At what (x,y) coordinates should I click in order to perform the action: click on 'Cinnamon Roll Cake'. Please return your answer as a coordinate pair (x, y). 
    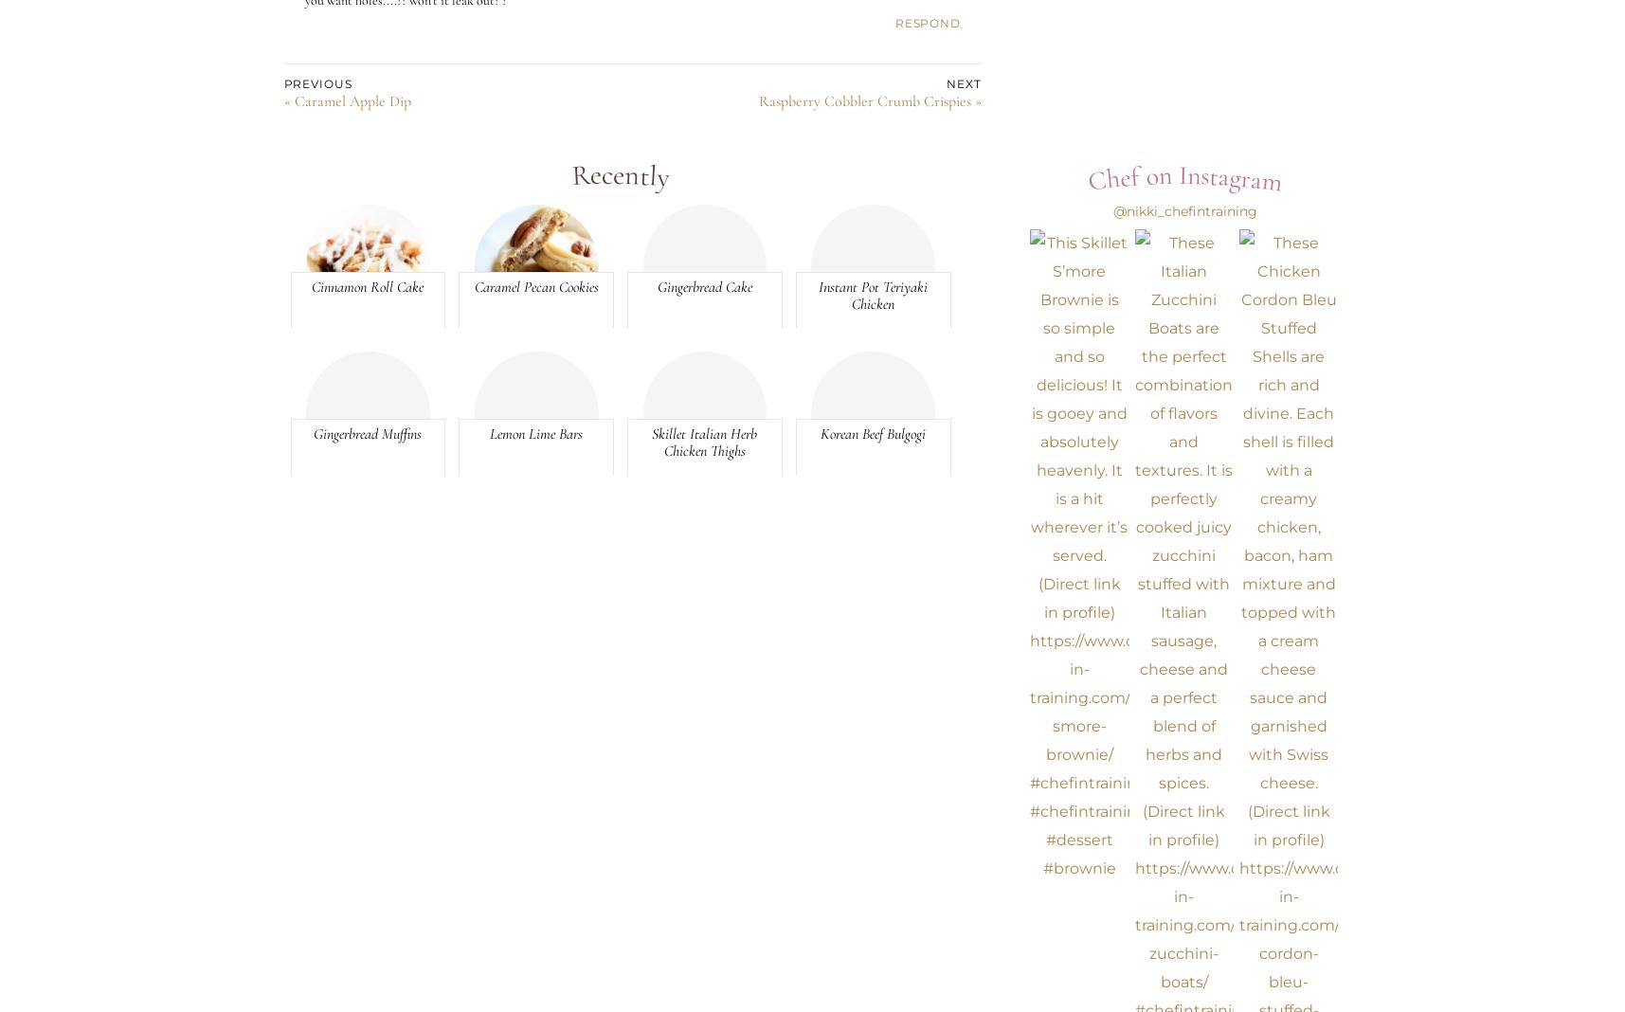
    Looking at the image, I should click on (367, 285).